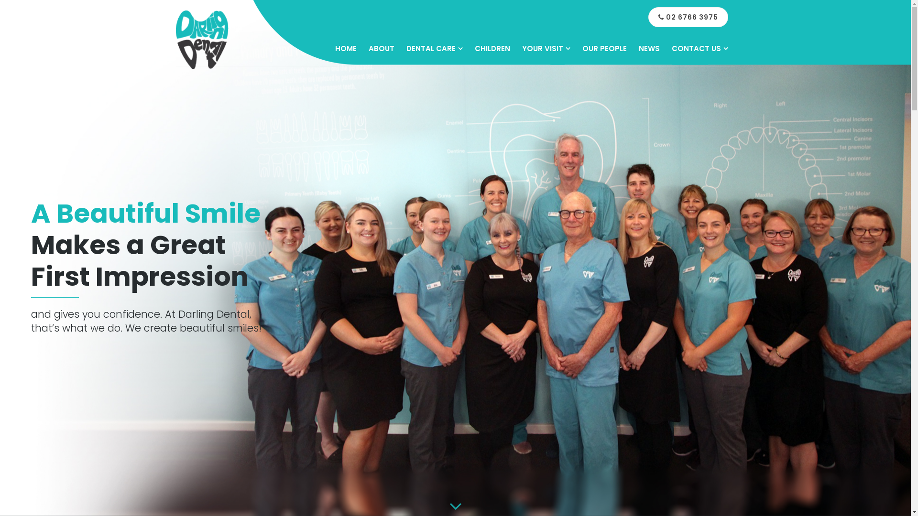 Image resolution: width=918 pixels, height=516 pixels. What do you see at coordinates (670, 48) in the screenshot?
I see `'CONTACT US'` at bounding box center [670, 48].